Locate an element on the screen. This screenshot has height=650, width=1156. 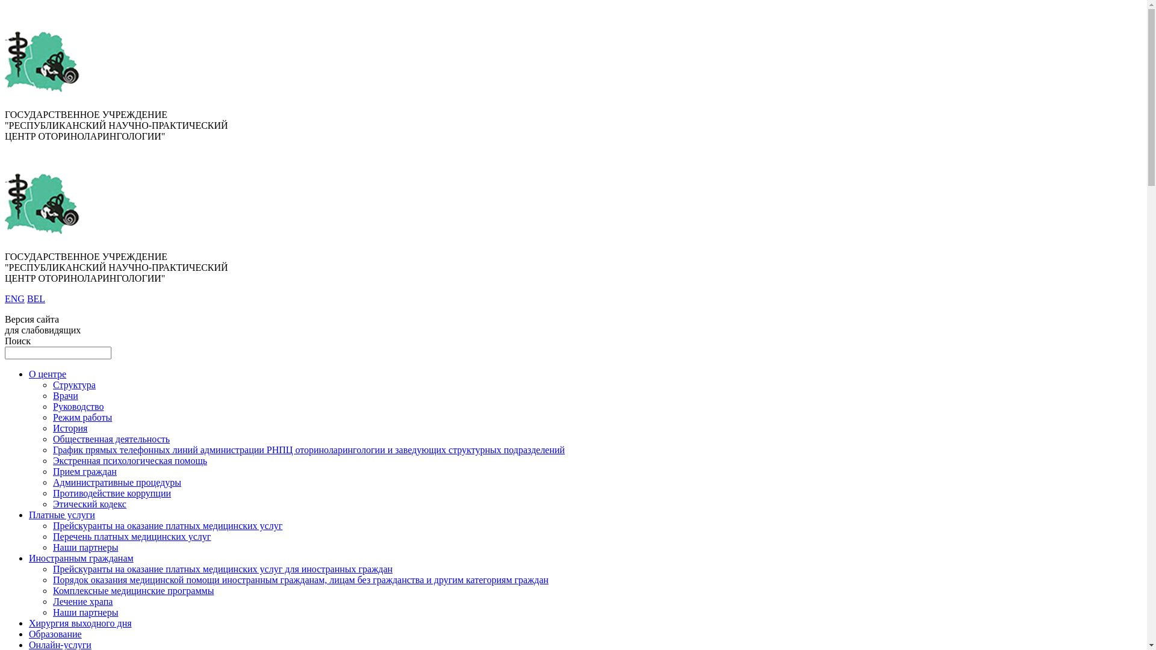
'ENG' is located at coordinates (14, 298).